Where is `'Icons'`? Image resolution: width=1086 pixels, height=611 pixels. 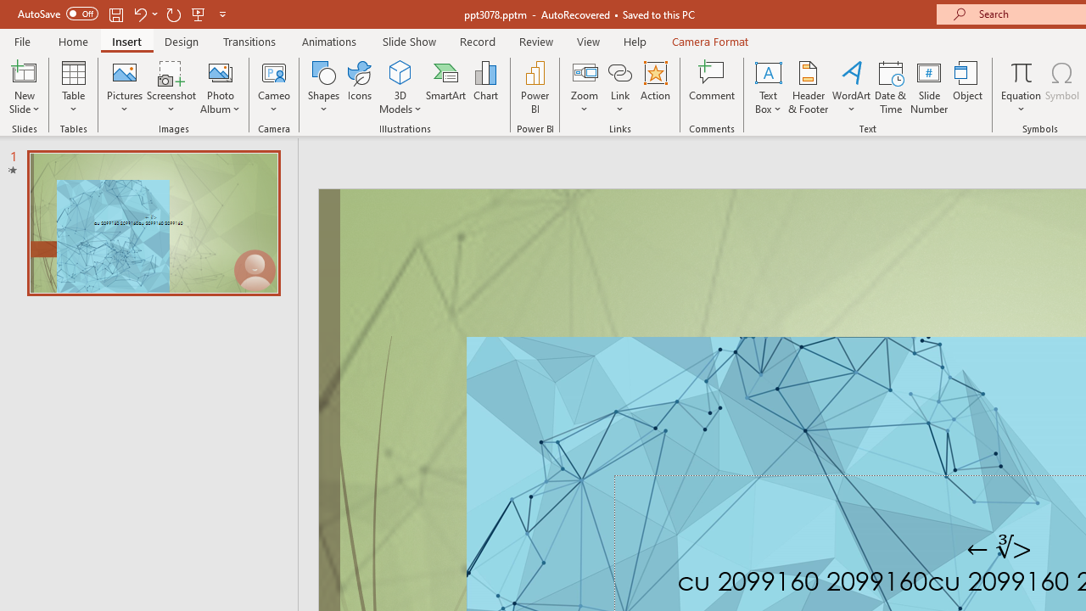
'Icons' is located at coordinates (359, 87).